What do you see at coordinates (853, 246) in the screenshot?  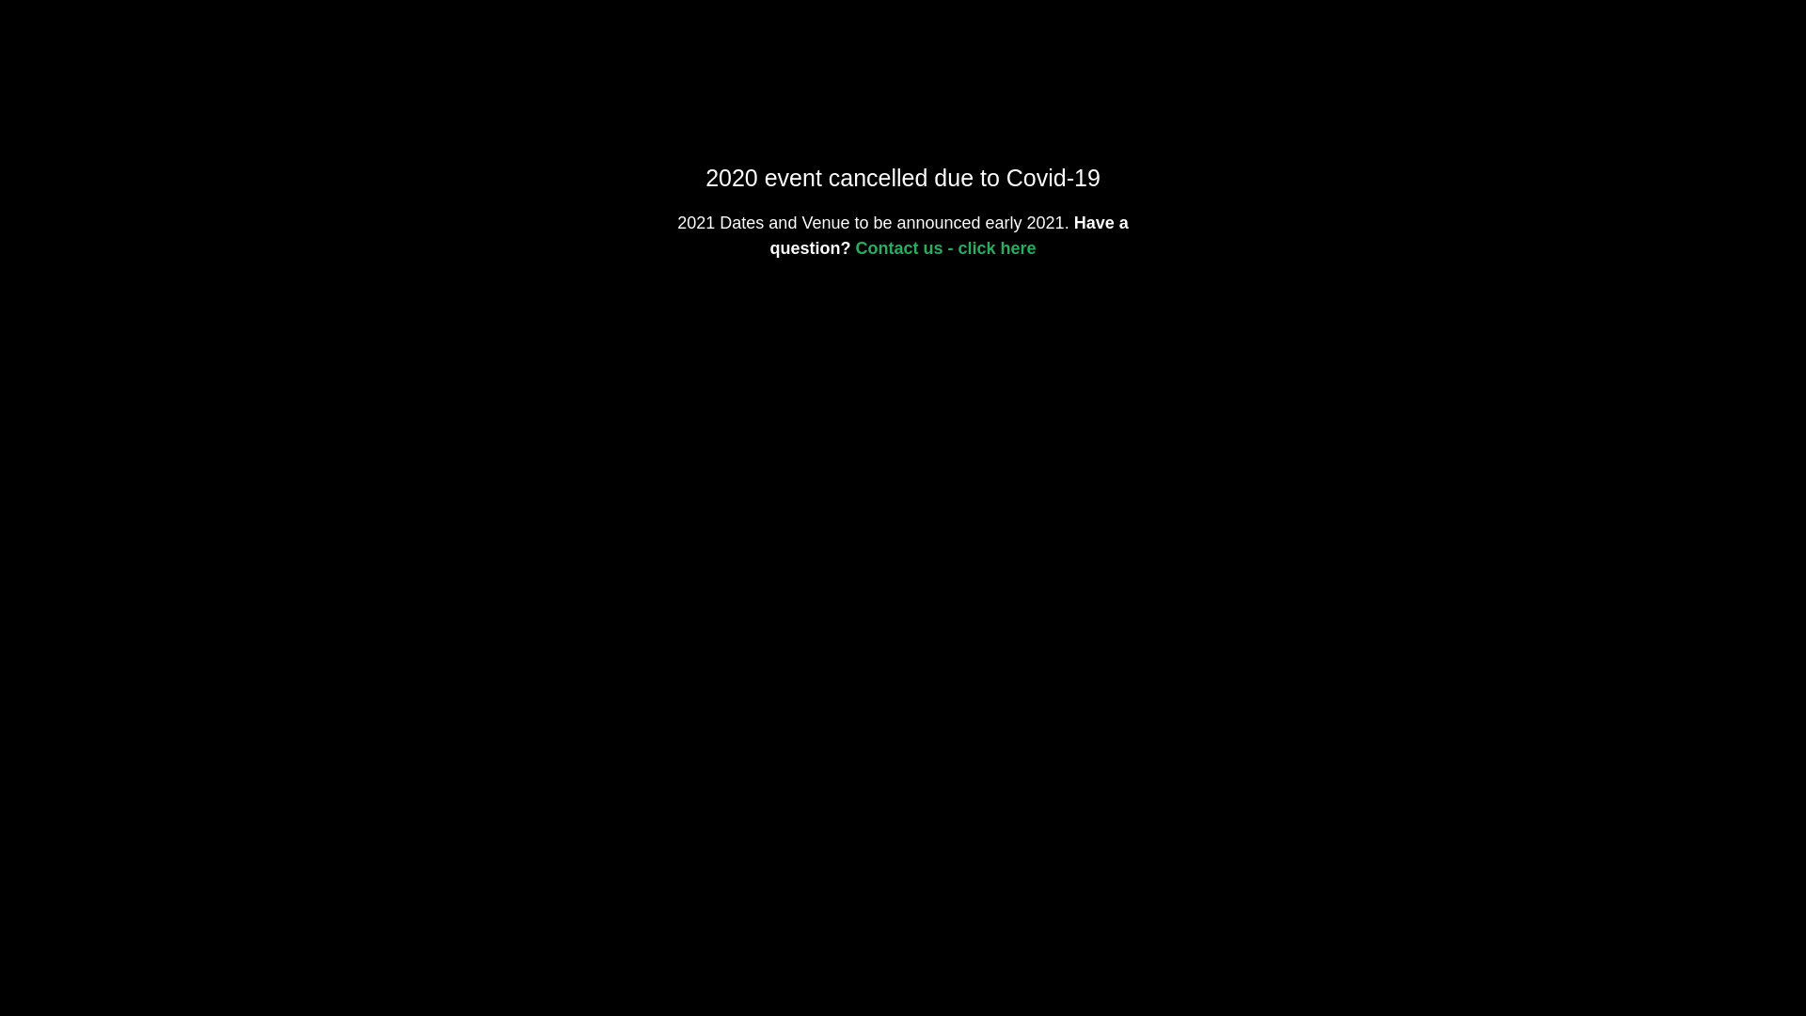 I see `'Contact us - click here'` at bounding box center [853, 246].